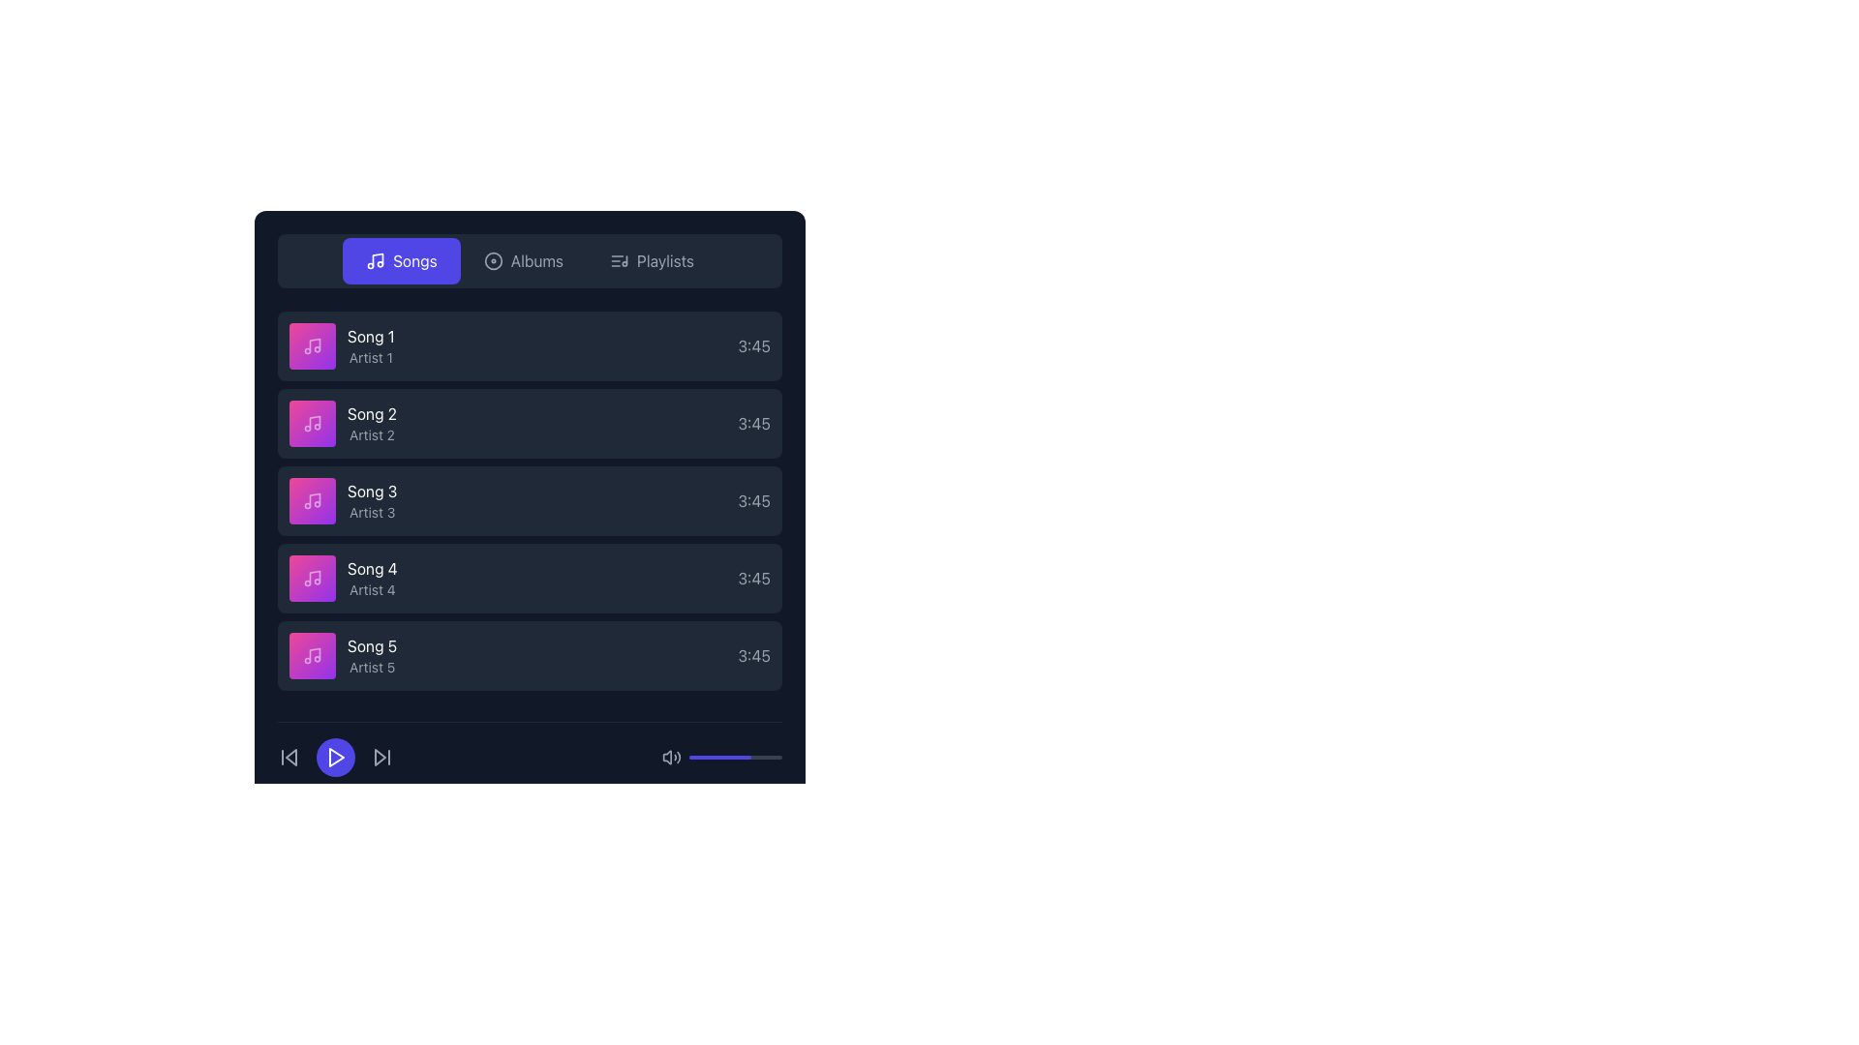 This screenshot has height=1045, width=1859. I want to click on the 'Playlists' menu label located in the horizontal navigation bar, so click(665, 261).